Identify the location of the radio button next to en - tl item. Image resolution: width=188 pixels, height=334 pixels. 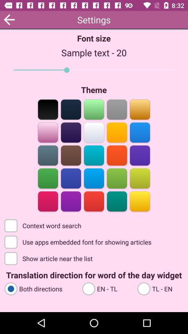
(40, 288).